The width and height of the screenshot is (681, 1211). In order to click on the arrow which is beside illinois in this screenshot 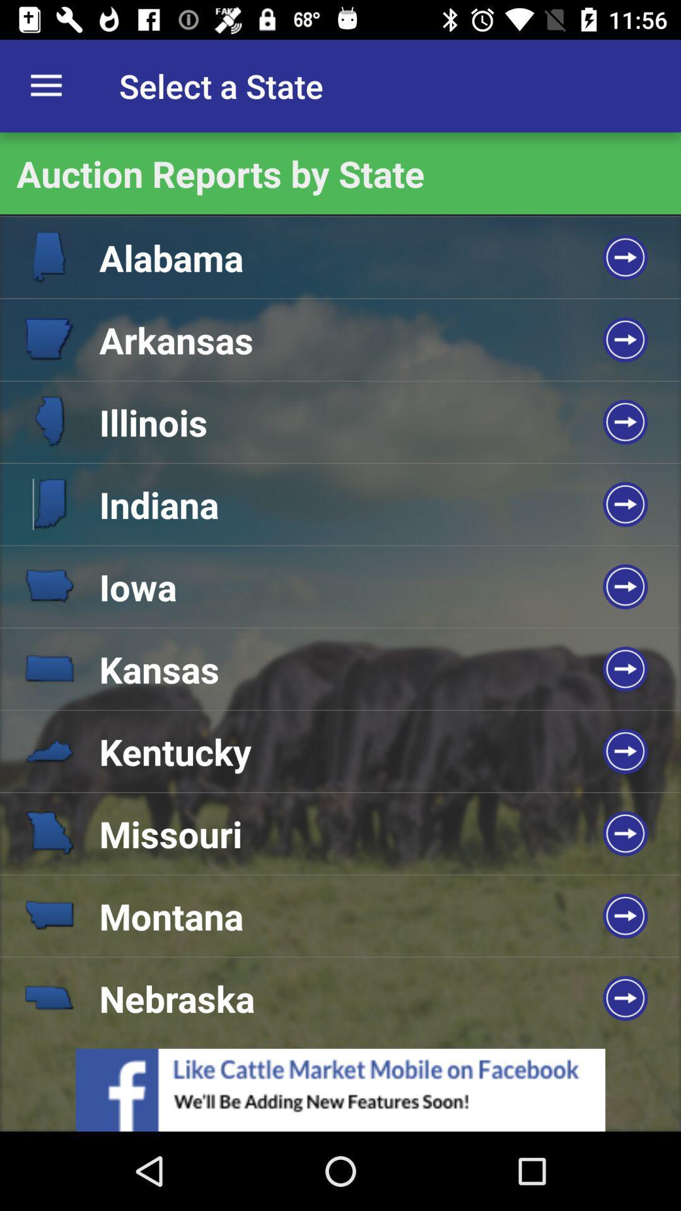, I will do `click(625, 422)`.